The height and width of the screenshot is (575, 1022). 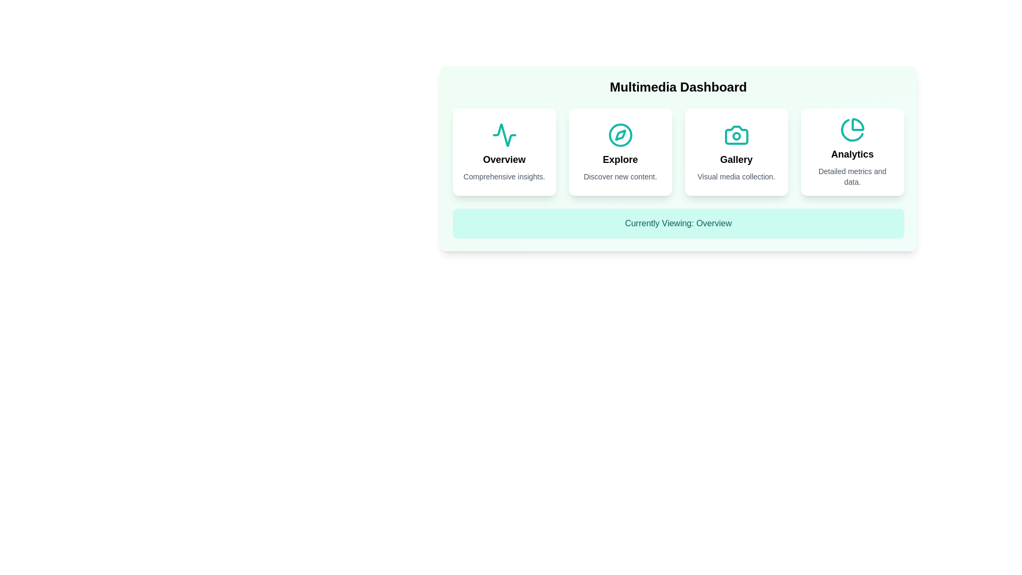 I want to click on the section Gallery by clicking on its card, so click(x=736, y=152).